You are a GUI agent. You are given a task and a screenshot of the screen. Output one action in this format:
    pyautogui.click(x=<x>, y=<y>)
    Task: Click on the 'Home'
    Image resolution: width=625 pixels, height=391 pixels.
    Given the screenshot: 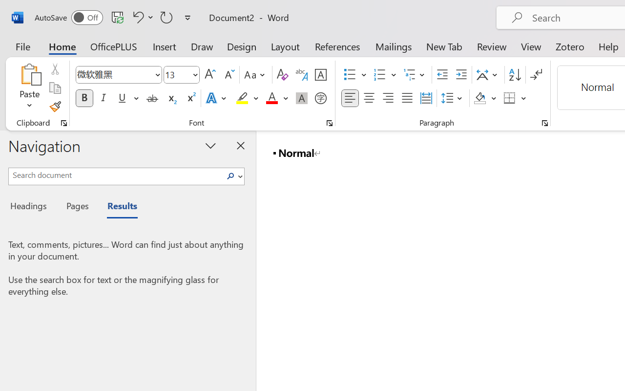 What is the action you would take?
    pyautogui.click(x=62, y=46)
    